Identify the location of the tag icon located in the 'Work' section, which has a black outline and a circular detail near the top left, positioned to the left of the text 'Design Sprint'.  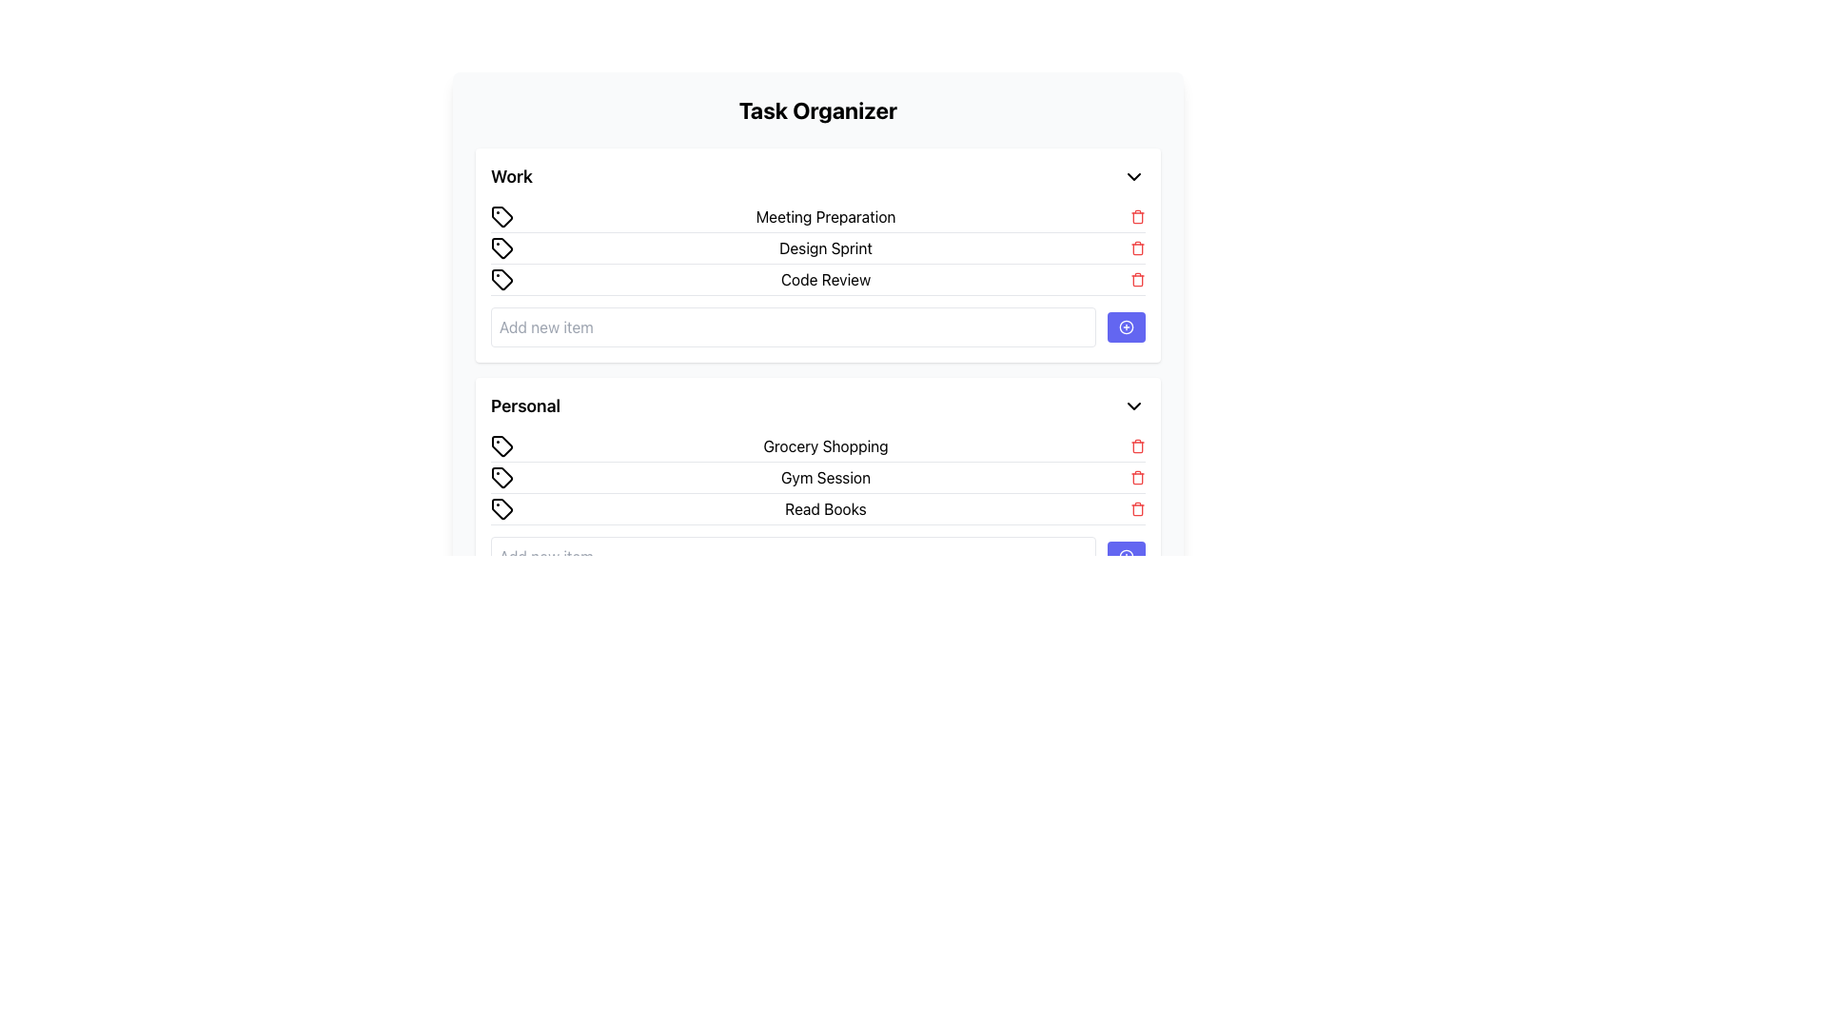
(502, 247).